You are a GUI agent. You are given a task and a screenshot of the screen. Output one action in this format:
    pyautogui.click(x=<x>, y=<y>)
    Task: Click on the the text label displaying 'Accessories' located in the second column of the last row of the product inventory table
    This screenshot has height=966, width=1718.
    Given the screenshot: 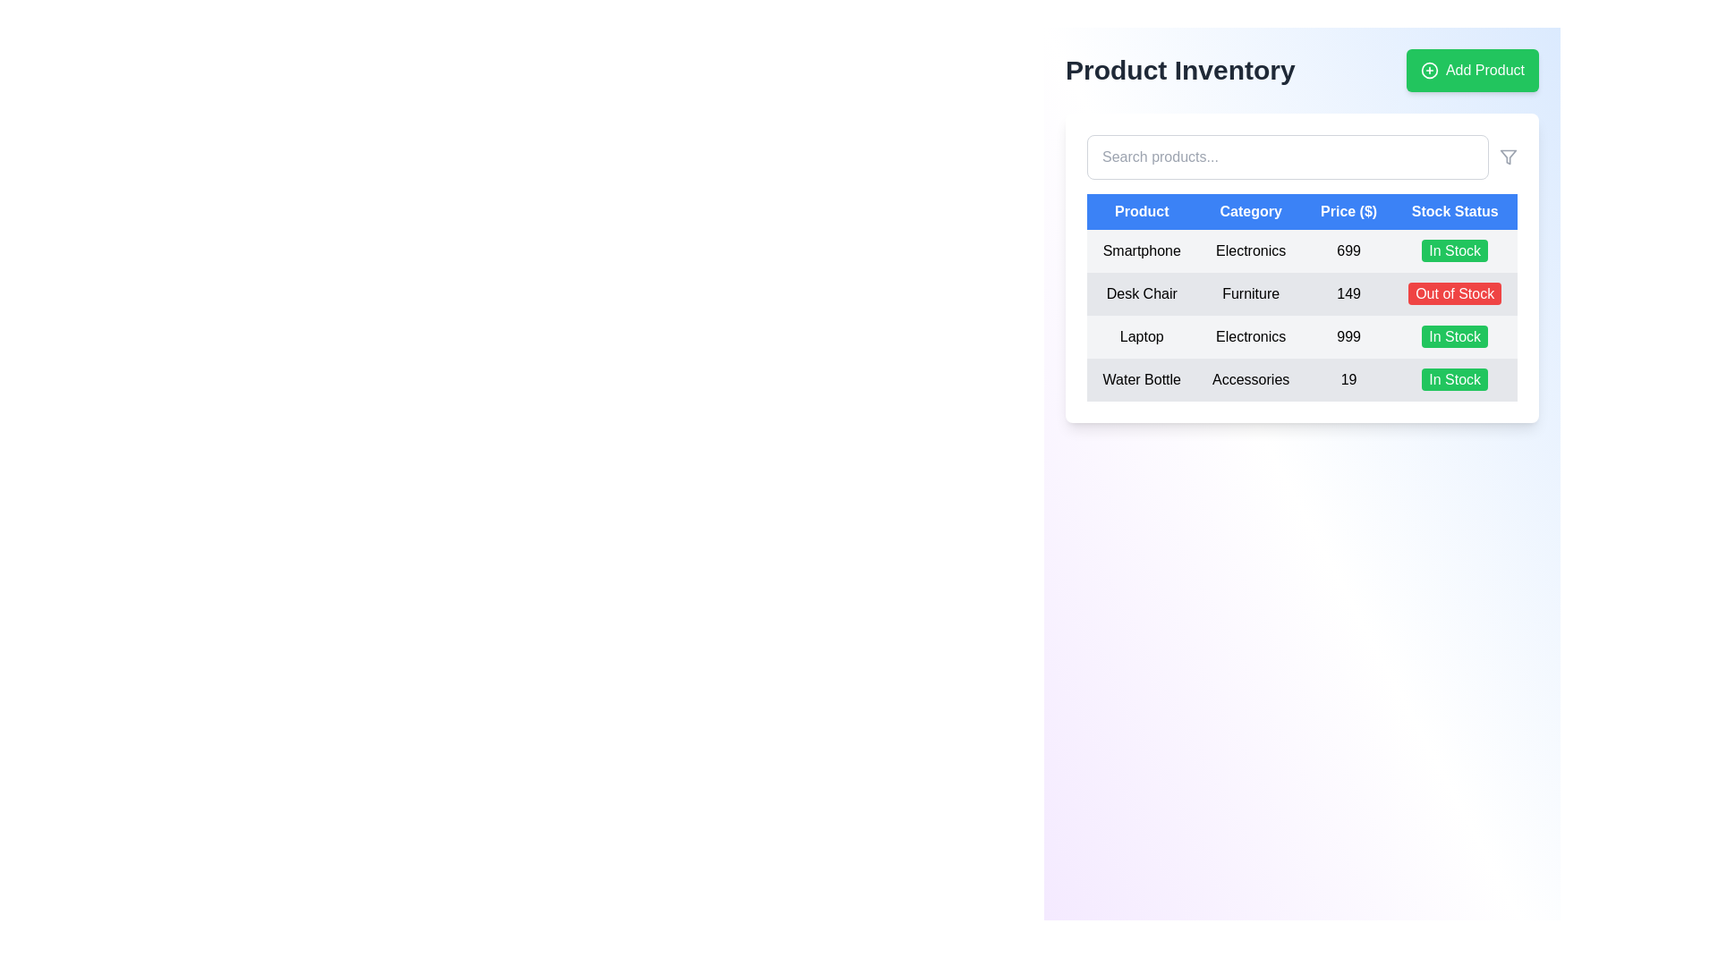 What is the action you would take?
    pyautogui.click(x=1250, y=378)
    